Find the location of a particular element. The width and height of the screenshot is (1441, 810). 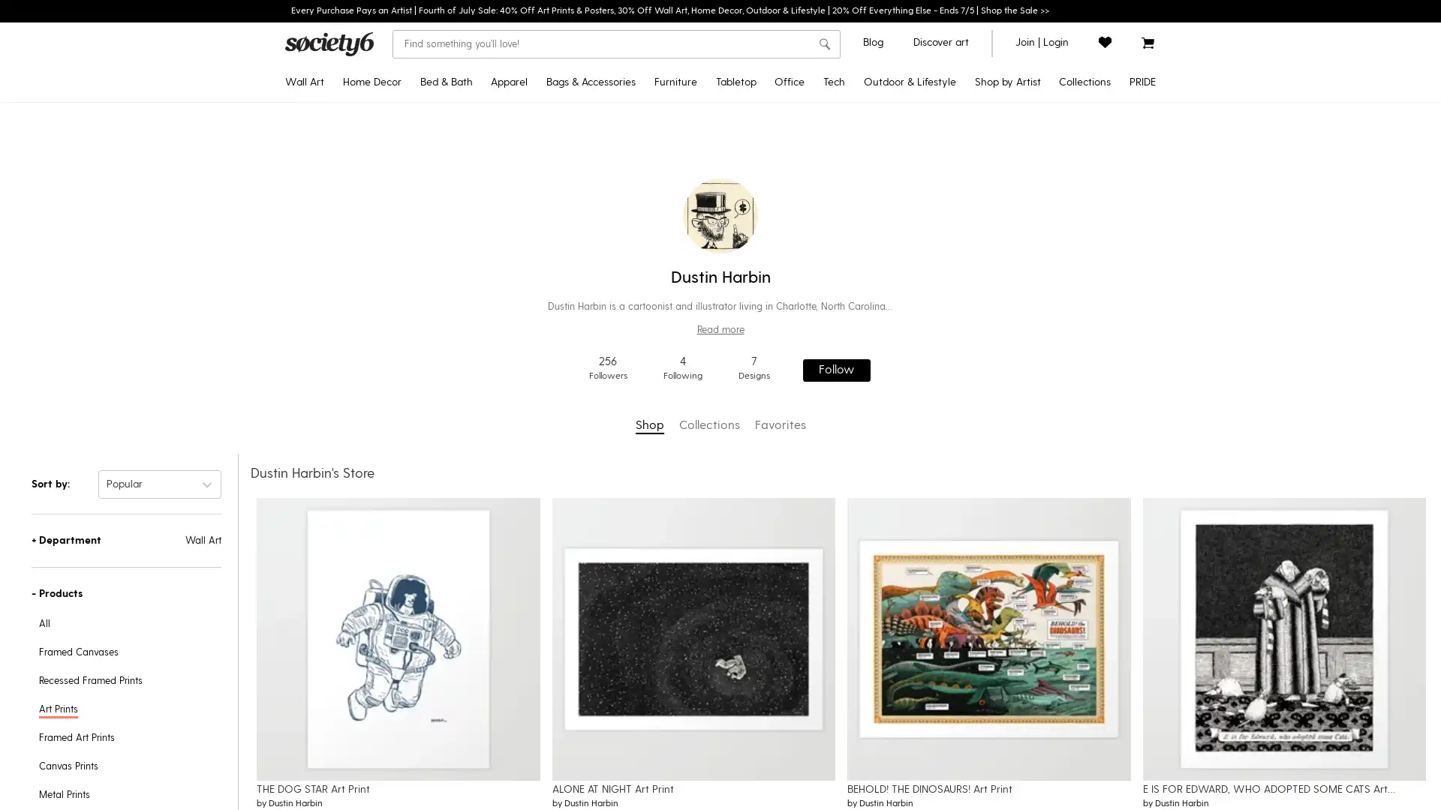

2022 Home Decor Guide is located at coordinates (1029, 169).